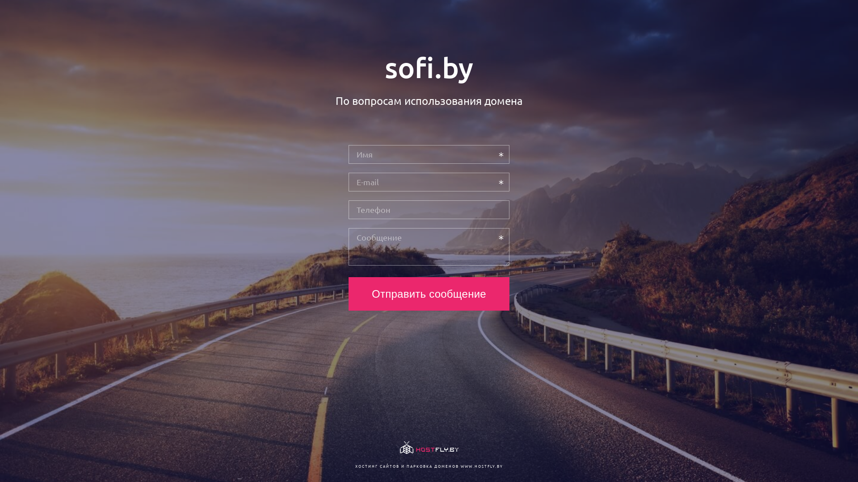  Describe the element at coordinates (481, 465) in the screenshot. I see `'WWW.HOSTFLY.BY'` at that location.